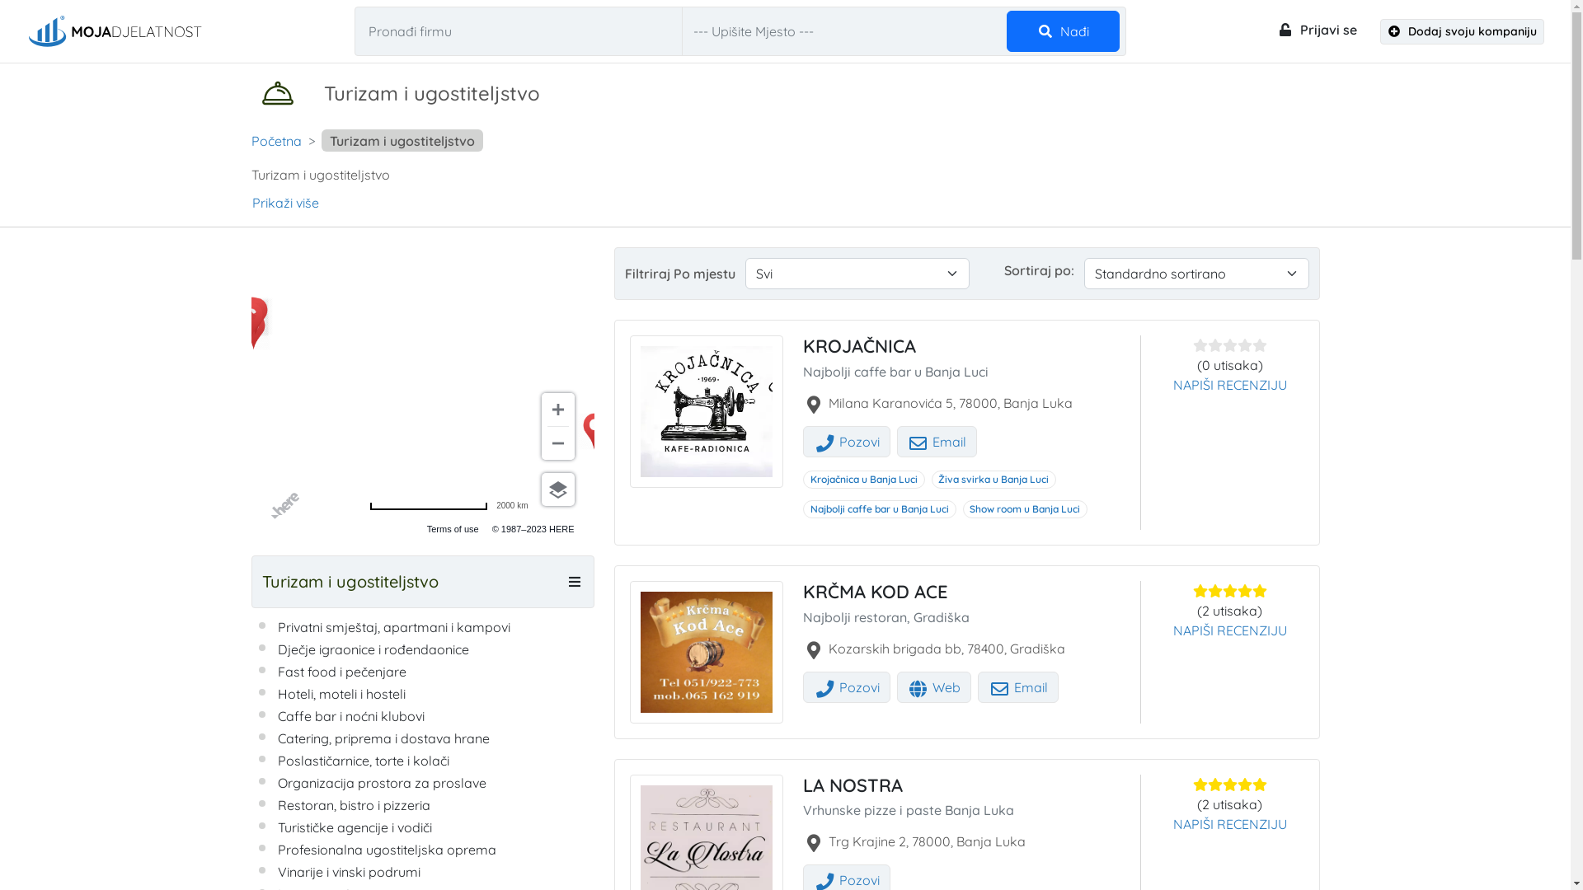 This screenshot has width=1583, height=890. Describe the element at coordinates (878, 508) in the screenshot. I see `'Najbolji caffe bar u Banja Luci'` at that location.